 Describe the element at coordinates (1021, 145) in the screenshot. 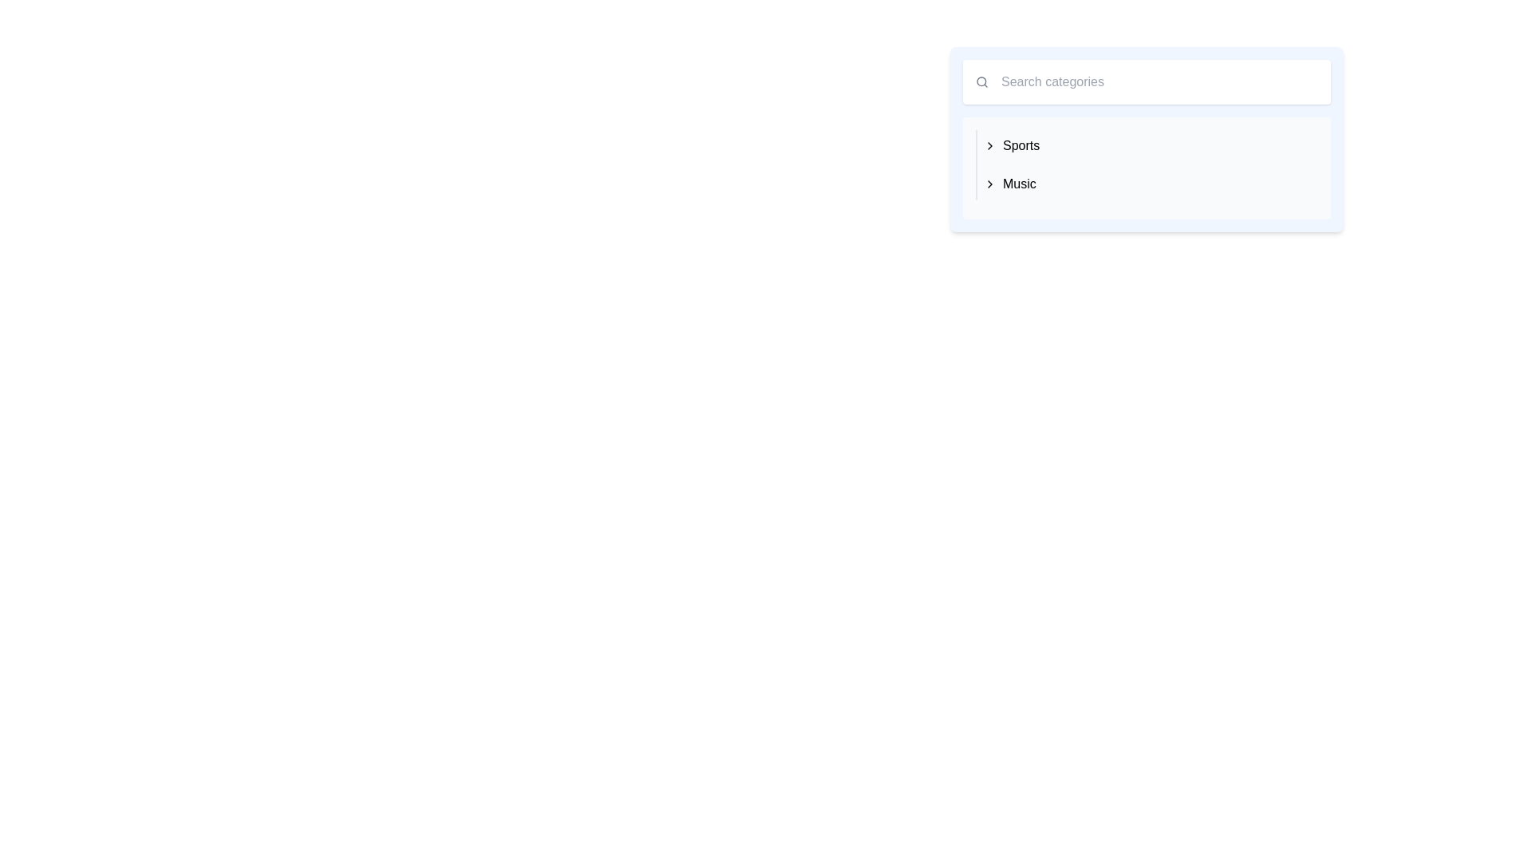

I see `the 'Sports' text label within the navigation button, which is styled with a sans-serif font and appears black against a white background` at that location.